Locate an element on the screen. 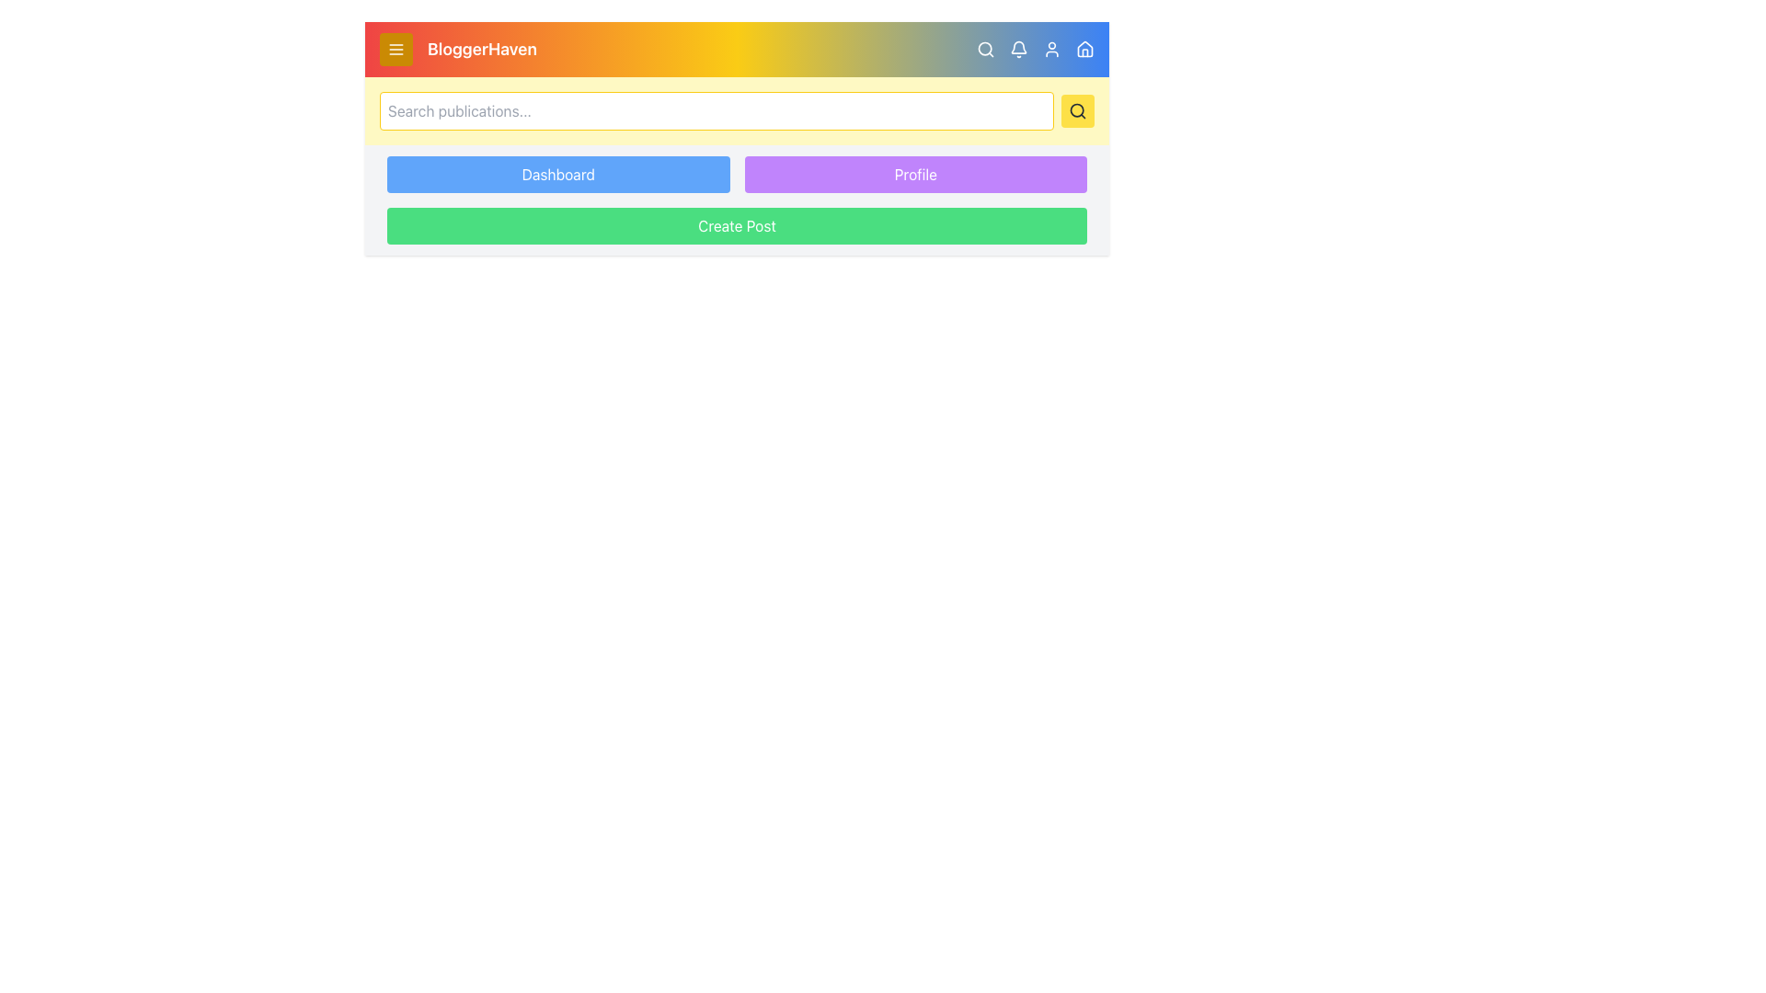 The image size is (1766, 993). the magnifying glass icon button located in the navigation bar, which is styled with a yellow hover effect and surrounded by a blue gradient background is located at coordinates (984, 49).